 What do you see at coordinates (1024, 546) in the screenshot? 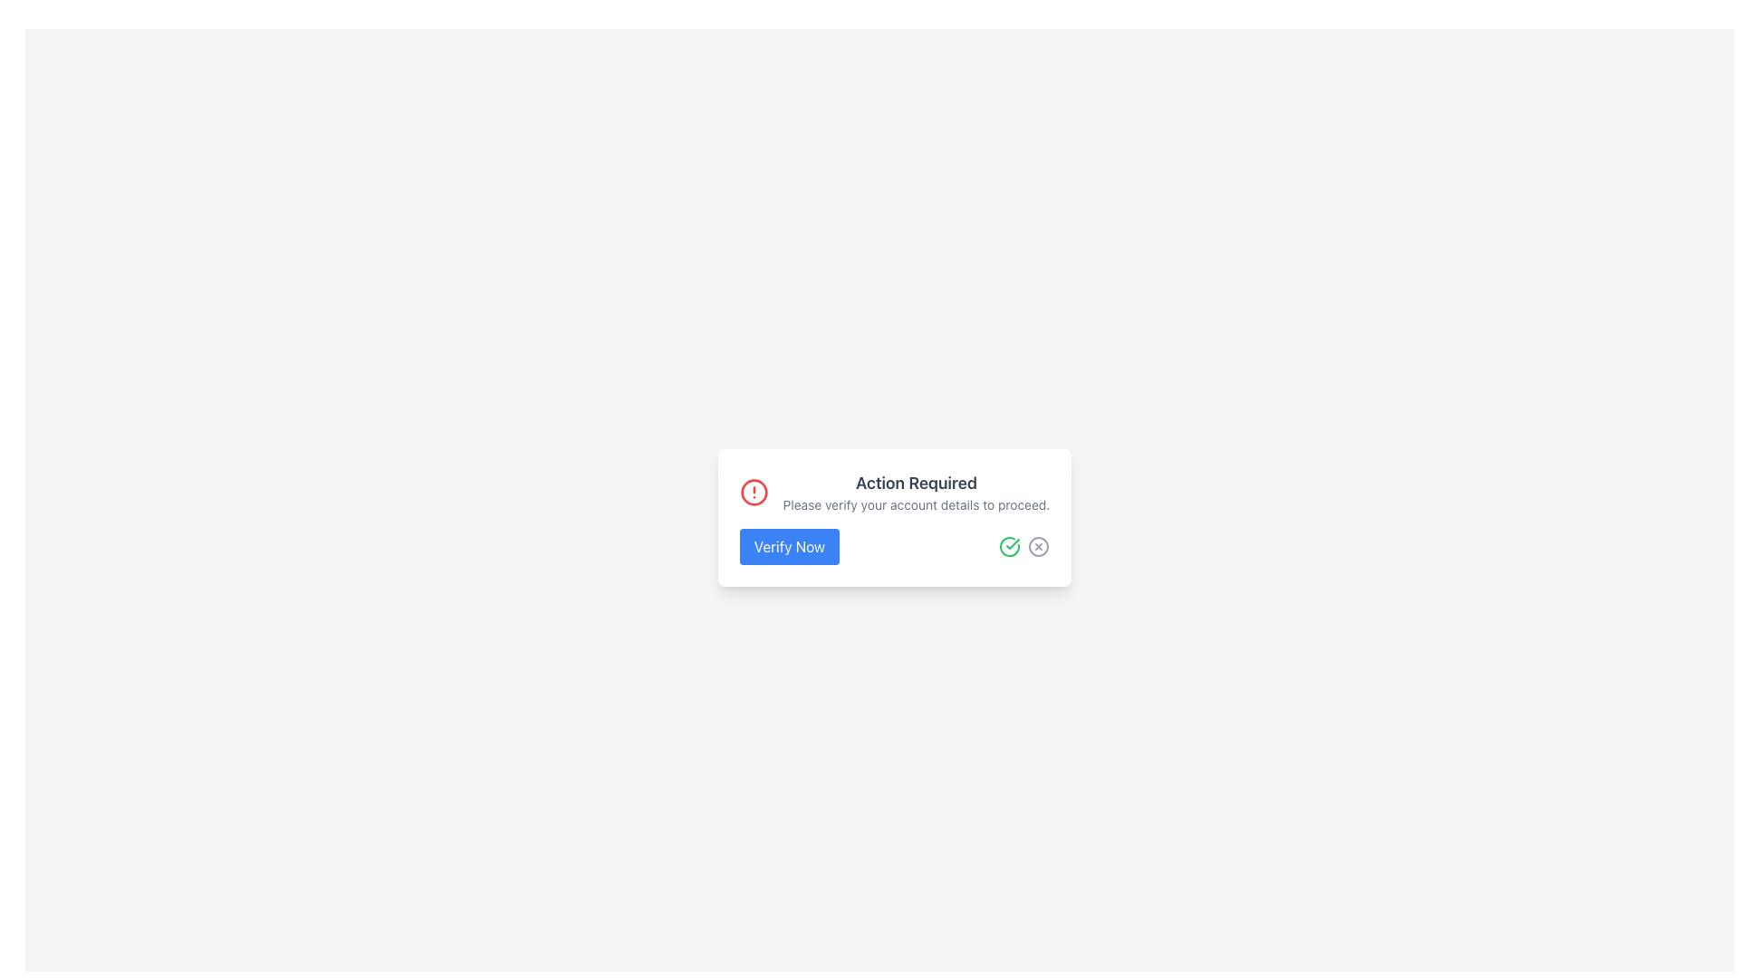
I see `the green check mark icon located on the left side of the group of icons encased in a circular boundary` at bounding box center [1024, 546].